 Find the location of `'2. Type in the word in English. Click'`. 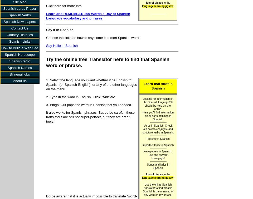

'2. Type in the word in English. Click' is located at coordinates (73, 97).